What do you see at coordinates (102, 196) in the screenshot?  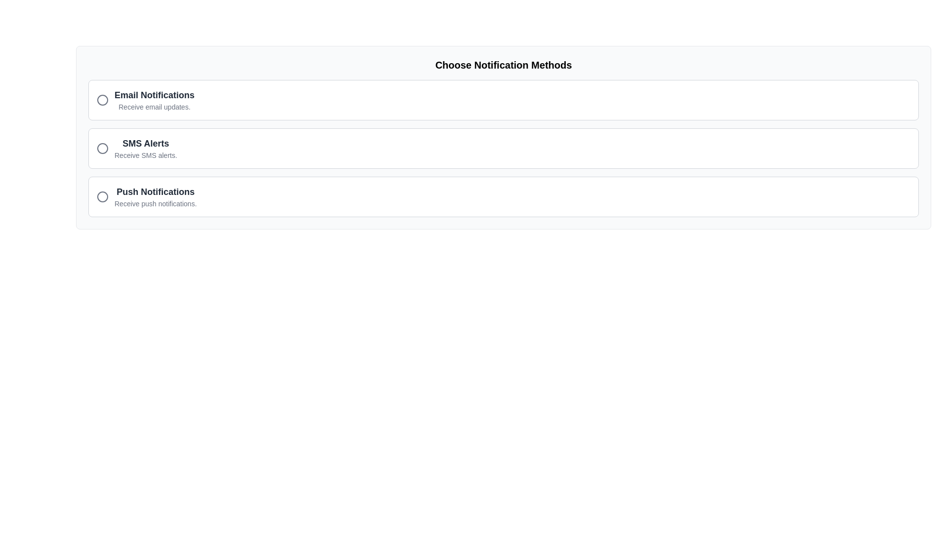 I see `the inner circle of the 'Push Notifications' icon, which is the third option in a vertically stacked list of notification methods` at bounding box center [102, 196].